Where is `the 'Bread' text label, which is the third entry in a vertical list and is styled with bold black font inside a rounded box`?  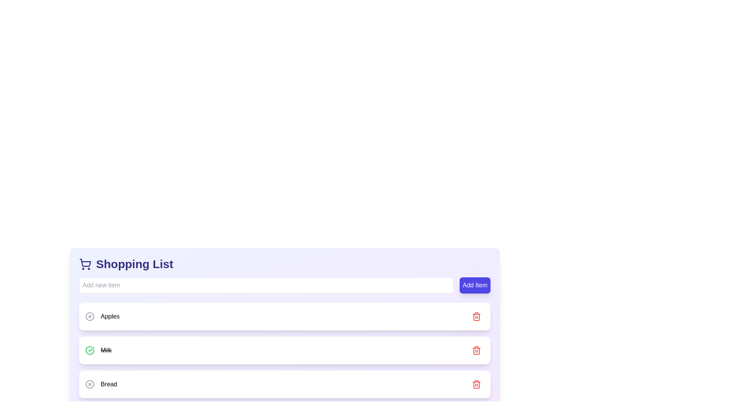 the 'Bread' text label, which is the third entry in a vertical list and is styled with bold black font inside a rounded box is located at coordinates (108, 384).